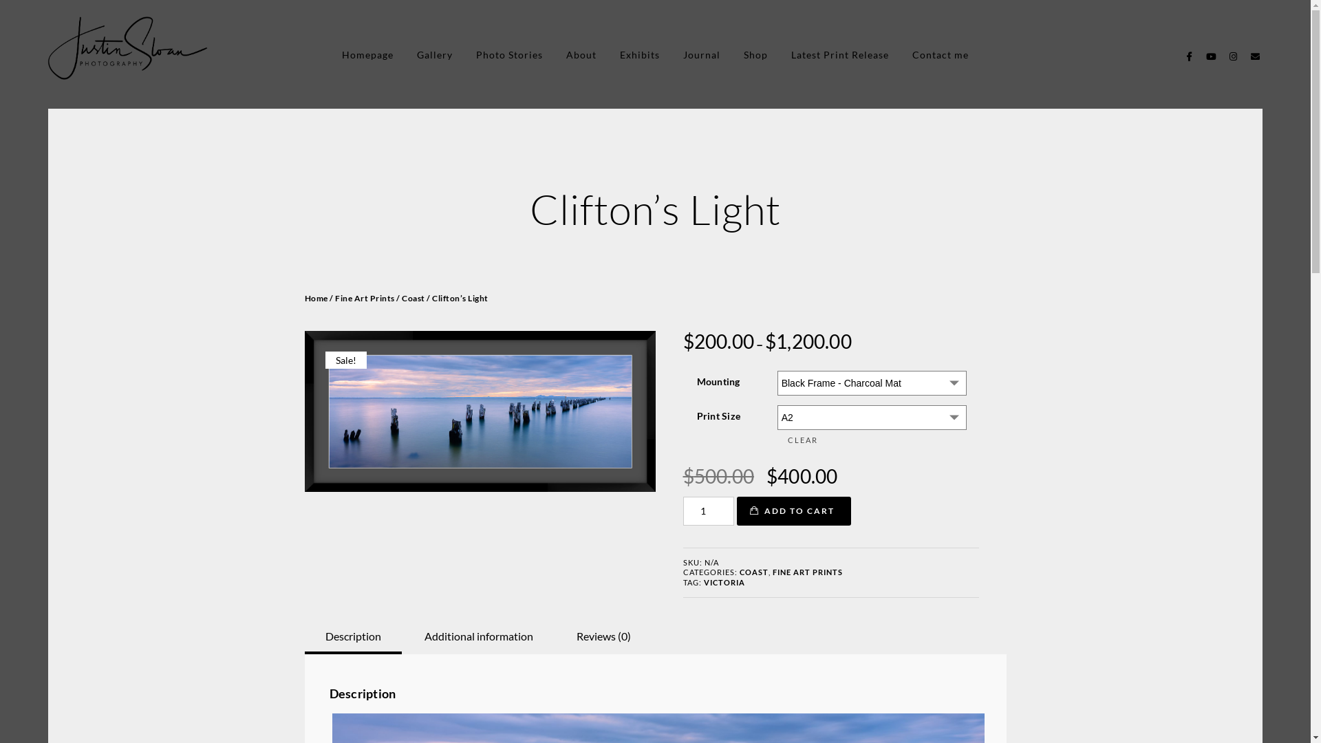  I want to click on 'ADD TO CART', so click(793, 511).